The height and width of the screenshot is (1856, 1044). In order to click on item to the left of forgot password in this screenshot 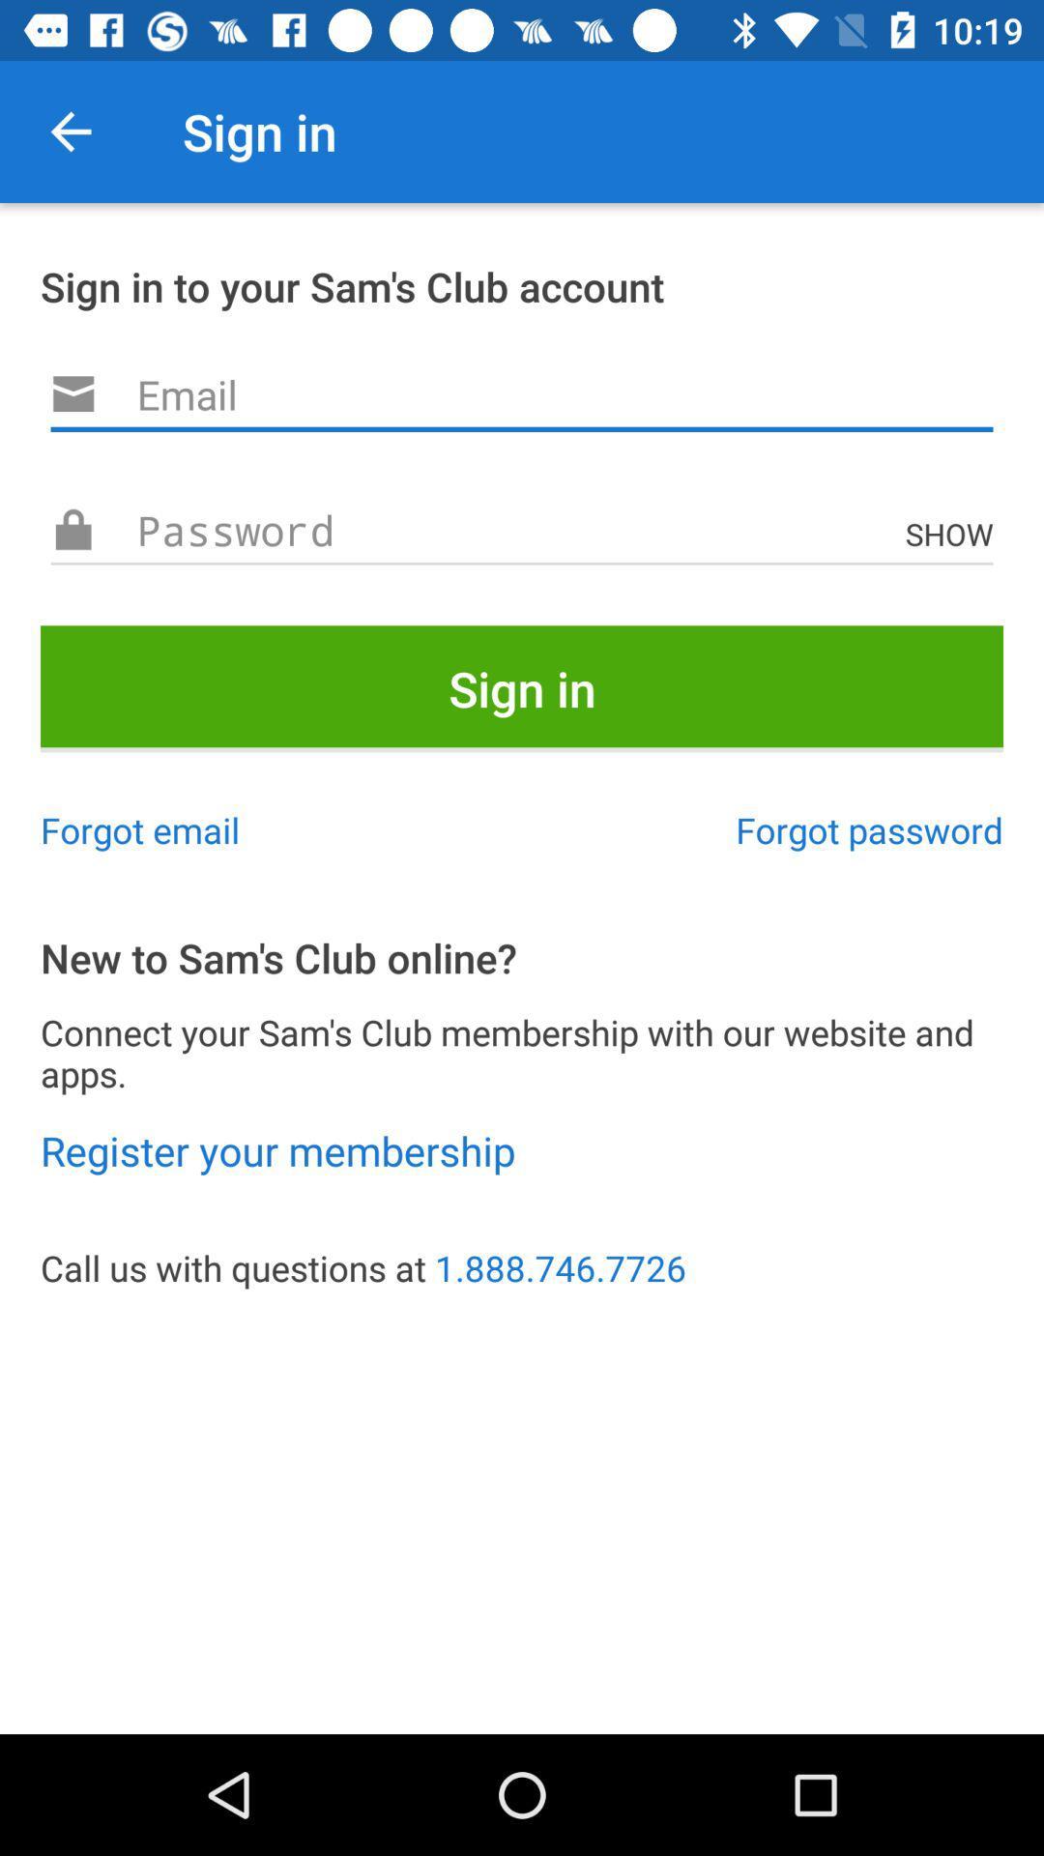, I will do `click(139, 829)`.